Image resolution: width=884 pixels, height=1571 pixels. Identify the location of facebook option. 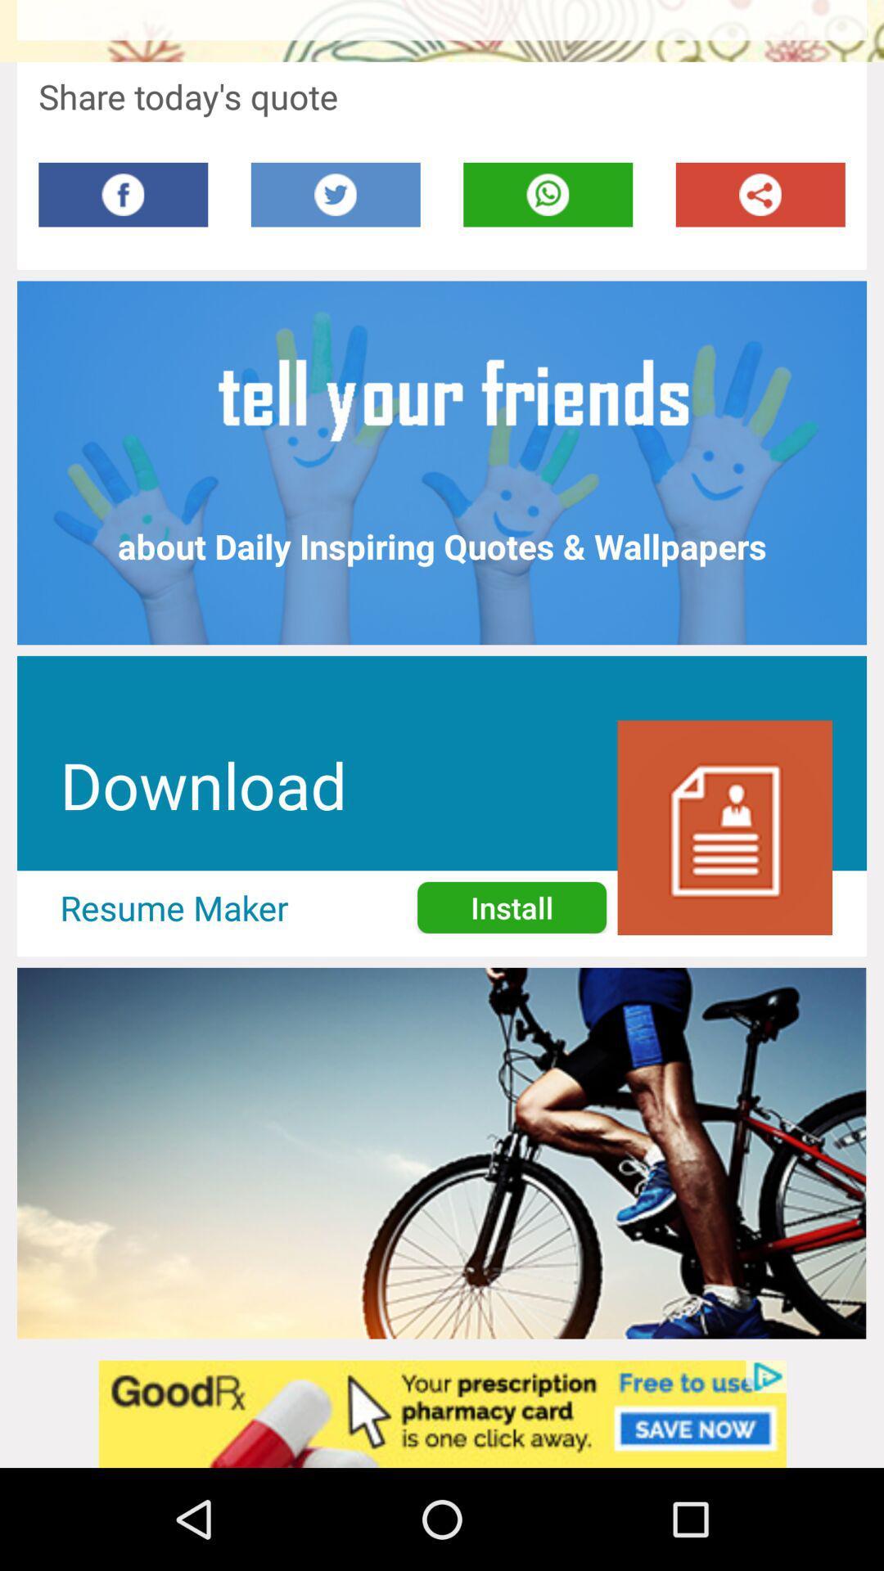
(122, 195).